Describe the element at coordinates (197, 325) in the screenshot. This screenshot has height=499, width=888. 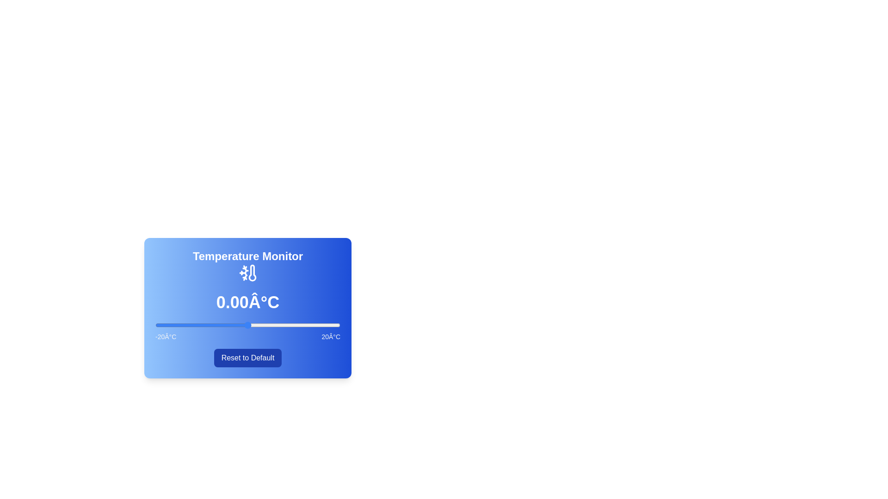
I see `the temperature slider to -11 degrees Celsius` at that location.